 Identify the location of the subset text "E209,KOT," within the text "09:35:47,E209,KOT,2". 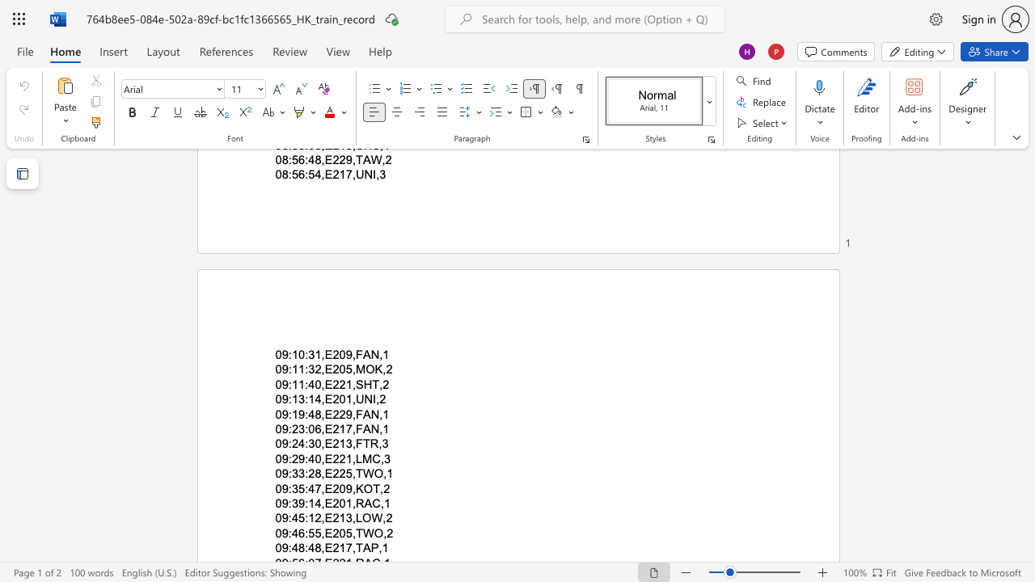
(323, 487).